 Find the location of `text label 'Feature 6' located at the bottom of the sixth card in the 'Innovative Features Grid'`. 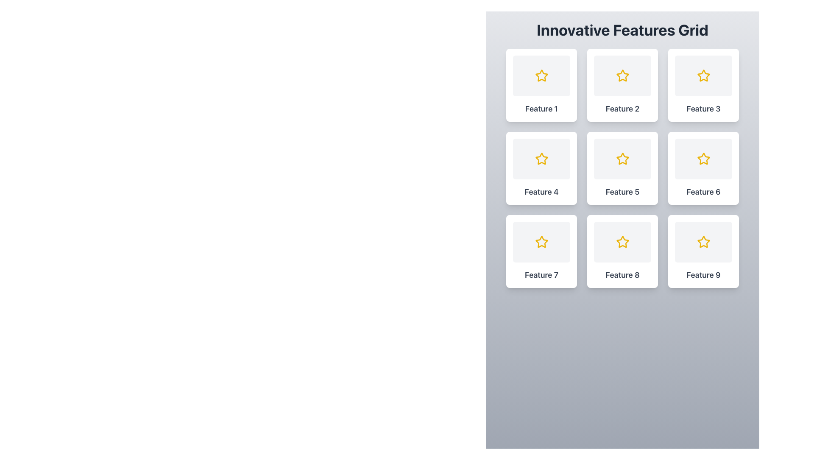

text label 'Feature 6' located at the bottom of the sixth card in the 'Innovative Features Grid' is located at coordinates (703, 192).